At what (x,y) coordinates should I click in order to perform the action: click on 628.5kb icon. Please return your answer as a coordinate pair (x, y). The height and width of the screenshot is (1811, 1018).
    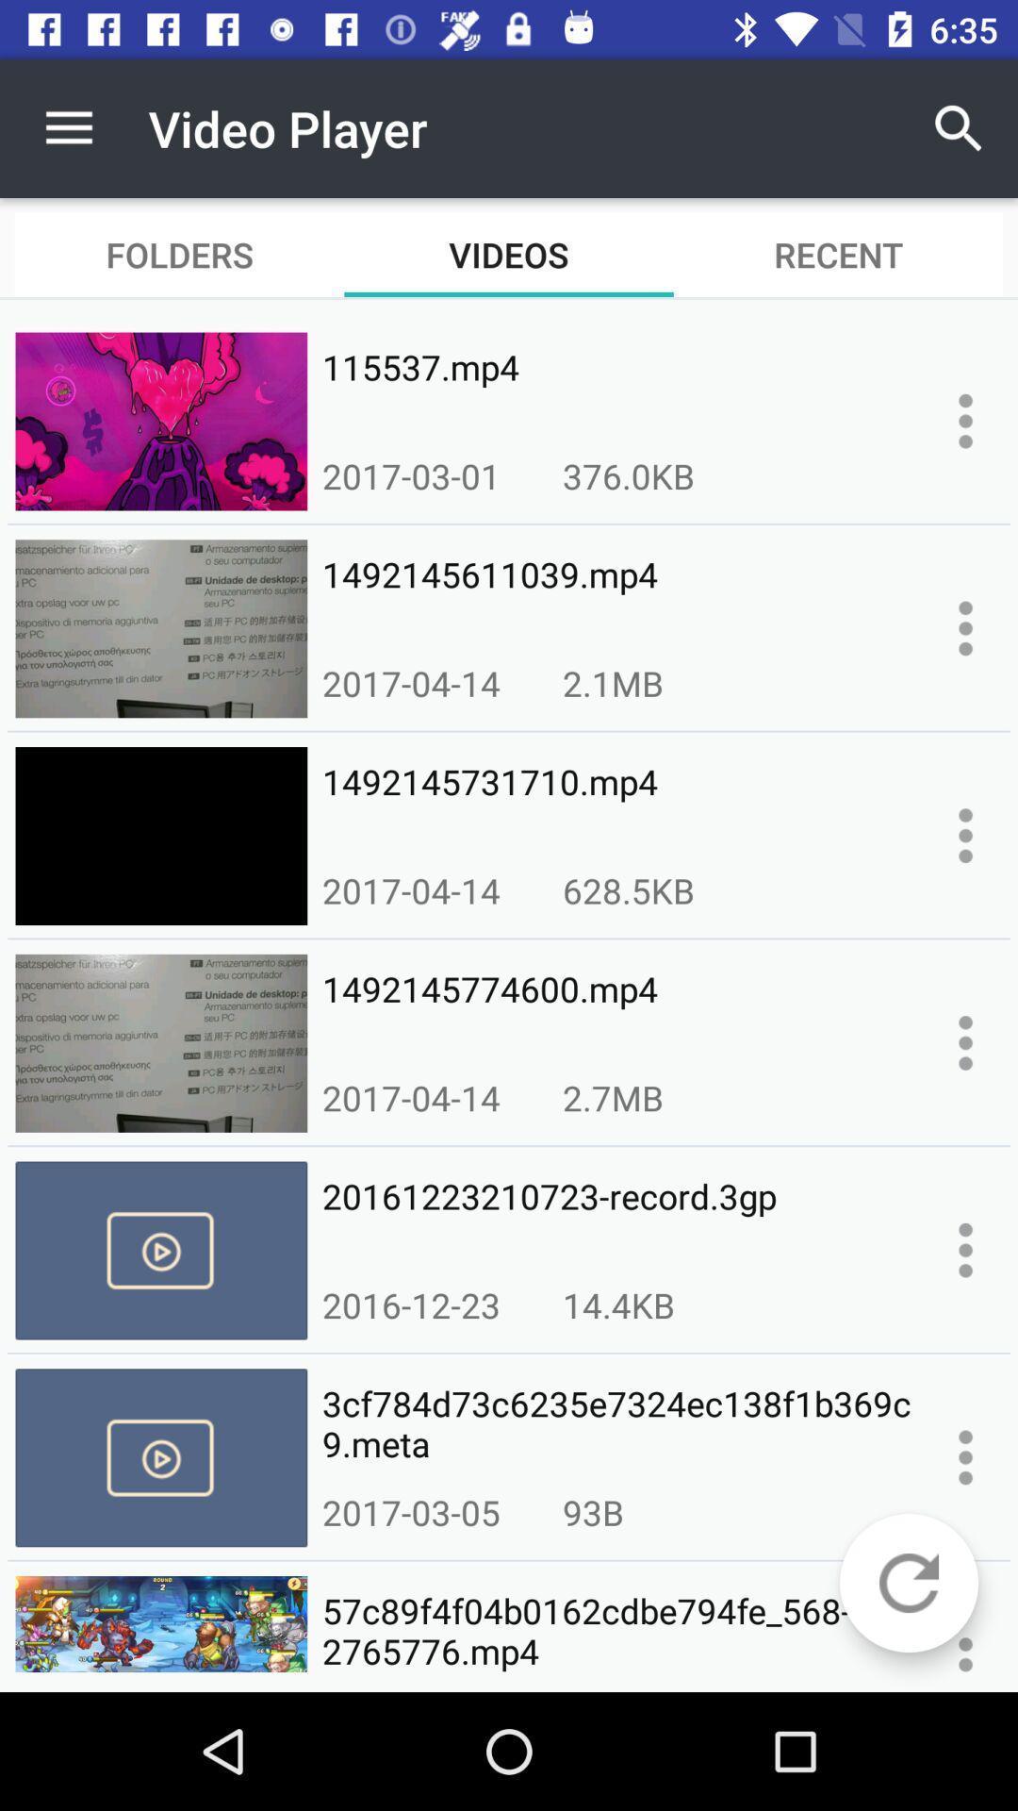
    Looking at the image, I should click on (629, 889).